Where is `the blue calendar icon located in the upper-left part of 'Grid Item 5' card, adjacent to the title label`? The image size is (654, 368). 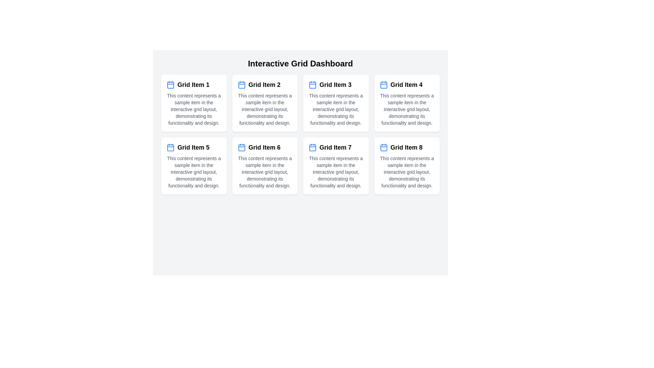 the blue calendar icon located in the upper-left part of 'Grid Item 5' card, adjacent to the title label is located at coordinates (170, 147).